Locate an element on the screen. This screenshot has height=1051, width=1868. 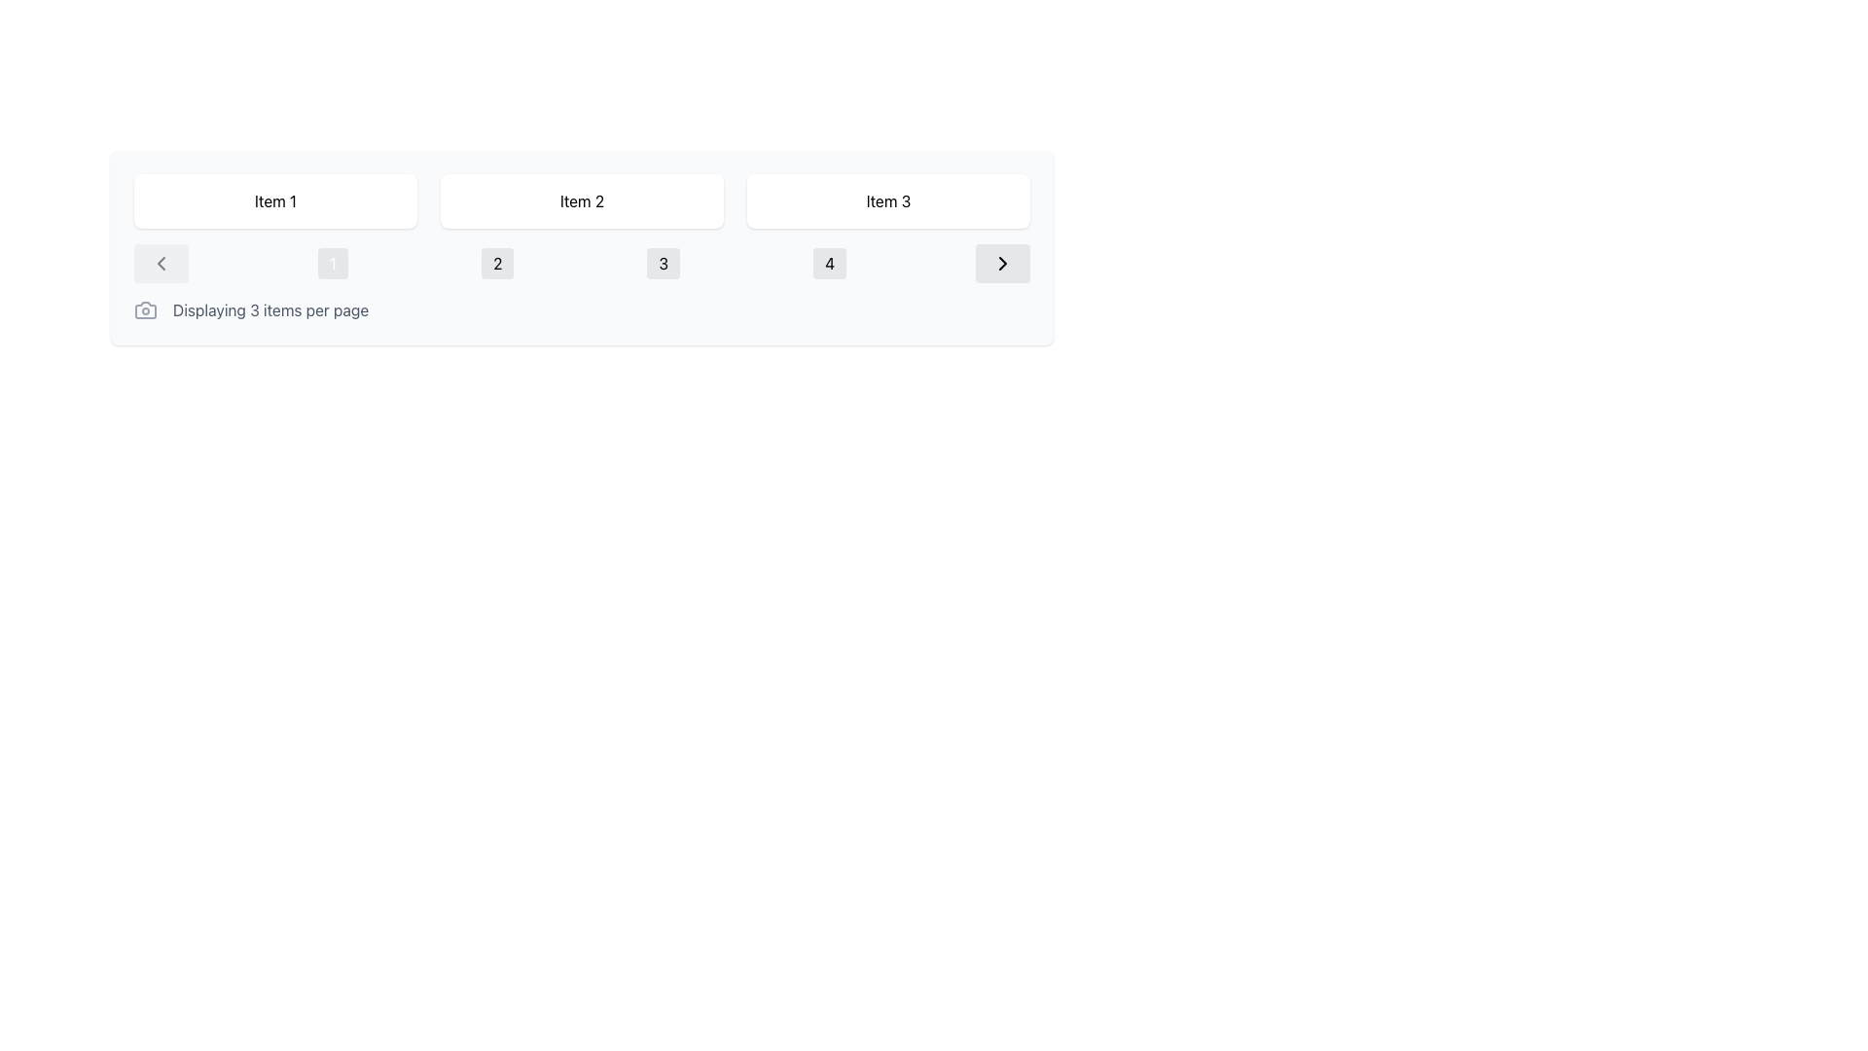
the rectangular button with a light gray background and a right-facing arrow symbol, located to the right of the '4' pagination button is located at coordinates (1003, 263).